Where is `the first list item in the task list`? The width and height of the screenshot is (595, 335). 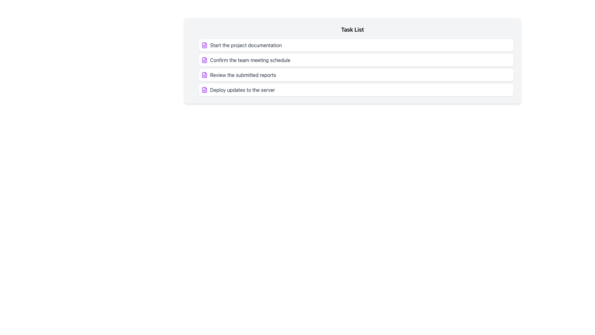
the first list item in the task list is located at coordinates (356, 45).